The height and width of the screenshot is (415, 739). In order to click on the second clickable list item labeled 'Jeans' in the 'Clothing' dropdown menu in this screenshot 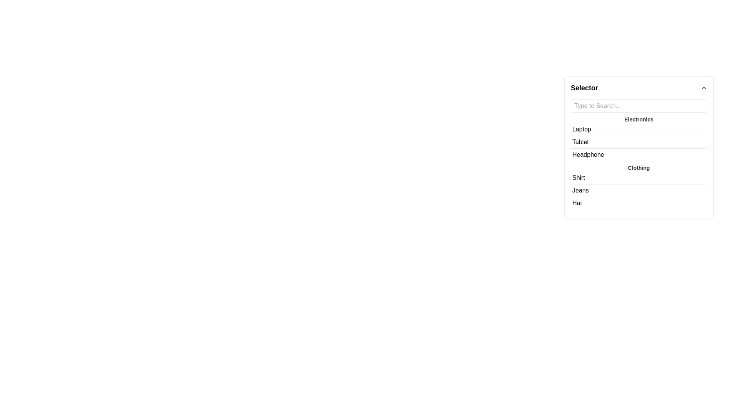, I will do `click(639, 190)`.